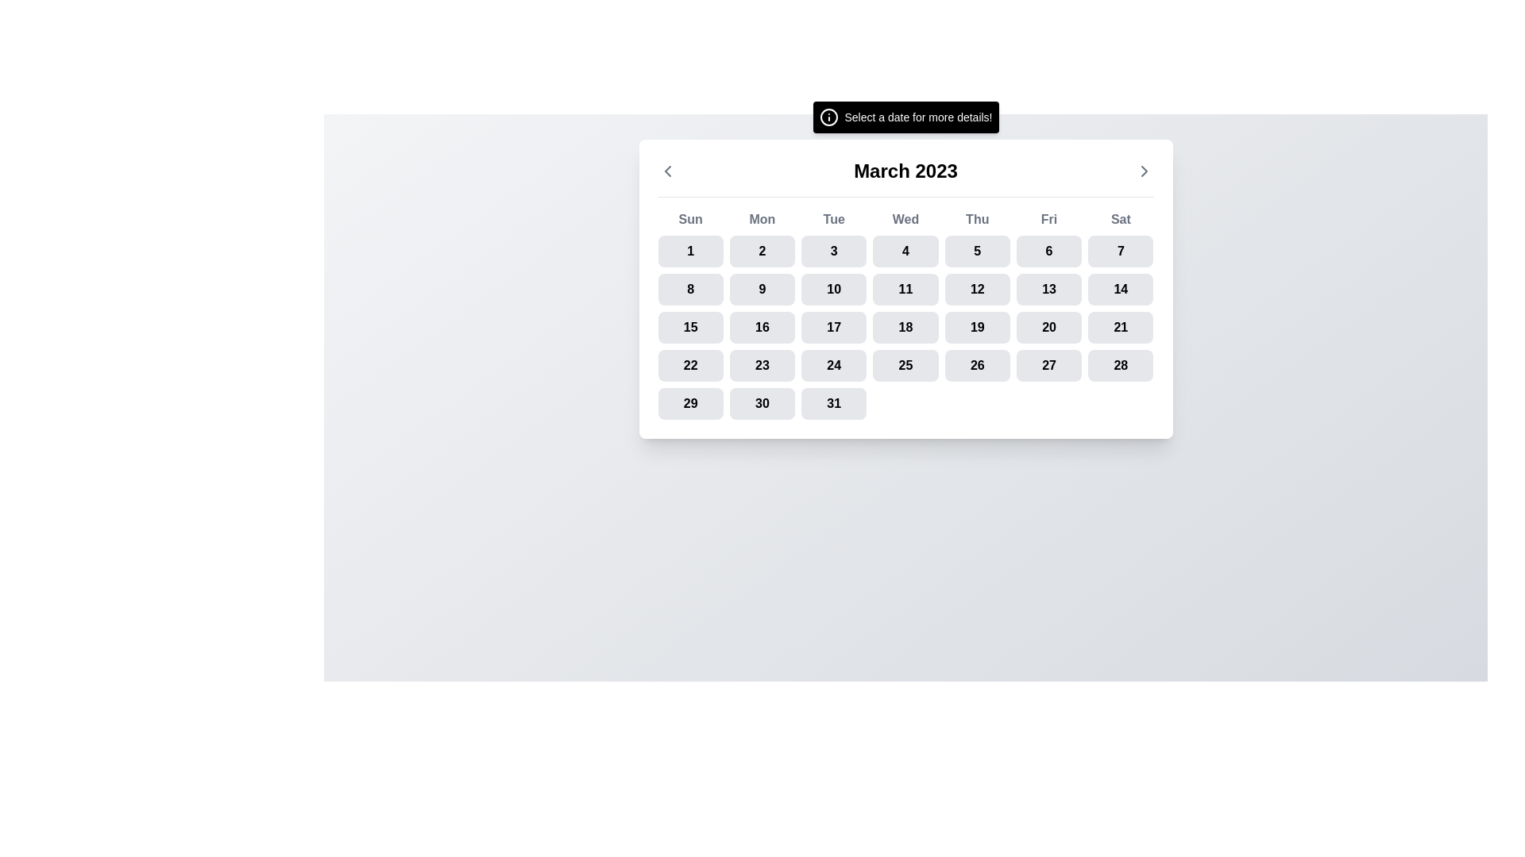 The image size is (1525, 857). What do you see at coordinates (833, 250) in the screenshot?
I see `the button representing Tuesday, the 3rd day of the month in the calendar interface` at bounding box center [833, 250].